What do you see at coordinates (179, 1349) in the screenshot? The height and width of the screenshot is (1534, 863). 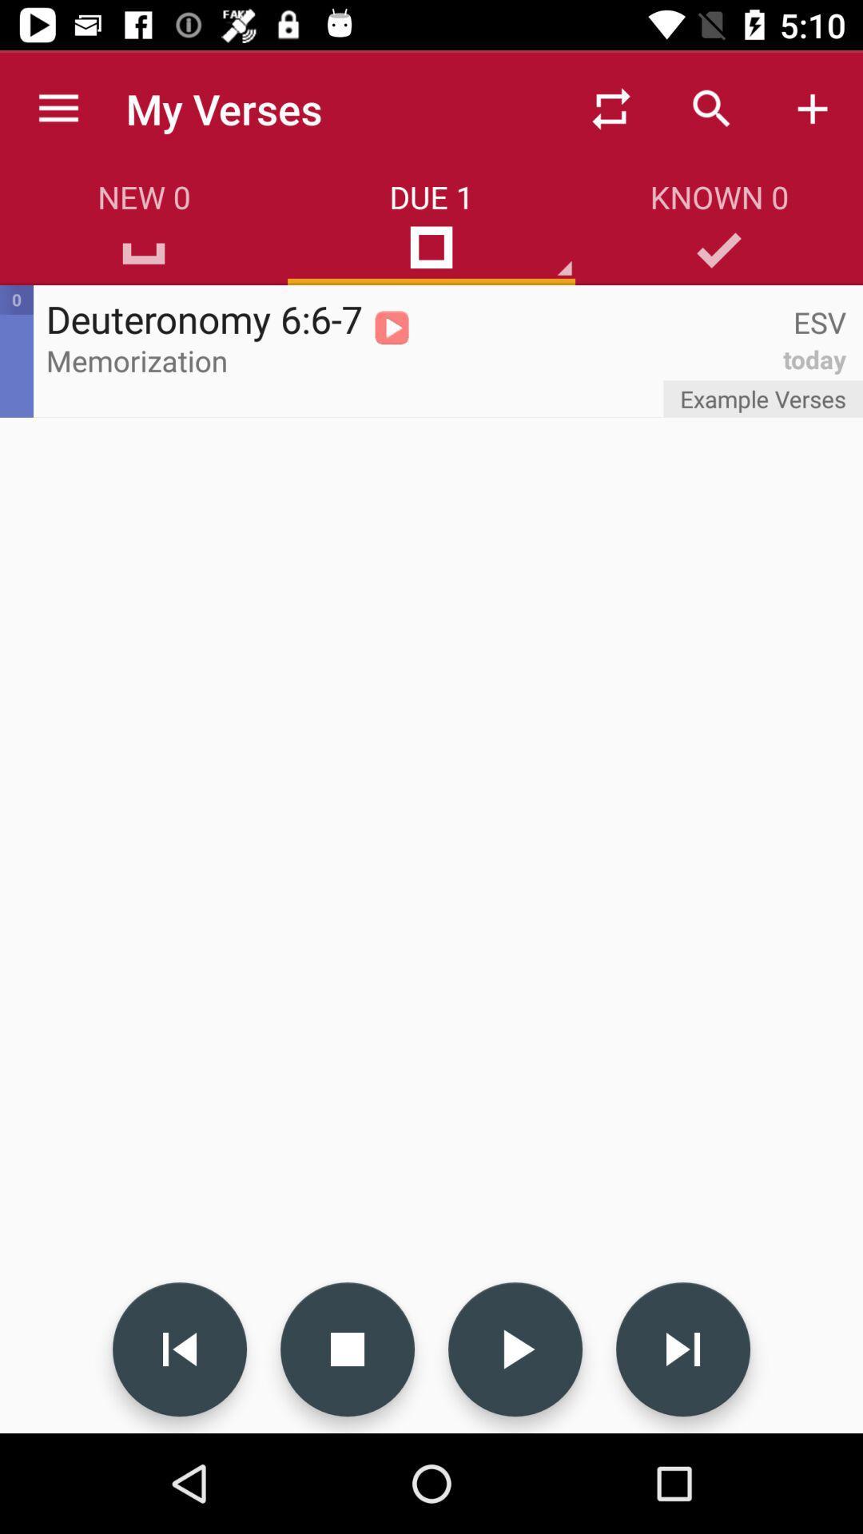 I see `rewind` at bounding box center [179, 1349].